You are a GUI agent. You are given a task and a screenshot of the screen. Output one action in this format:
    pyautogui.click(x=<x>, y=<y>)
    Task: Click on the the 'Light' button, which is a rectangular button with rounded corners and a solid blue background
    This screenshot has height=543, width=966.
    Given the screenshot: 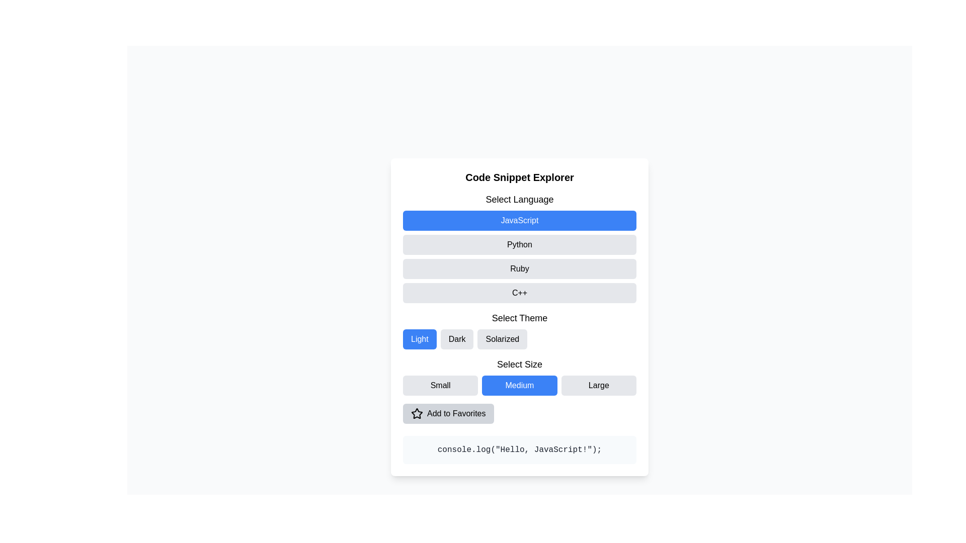 What is the action you would take?
    pyautogui.click(x=420, y=339)
    